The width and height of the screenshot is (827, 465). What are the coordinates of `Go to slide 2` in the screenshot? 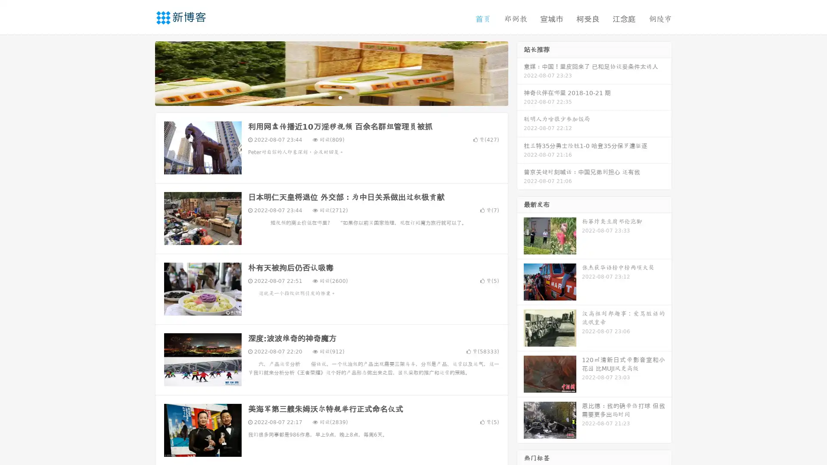 It's located at (331, 97).